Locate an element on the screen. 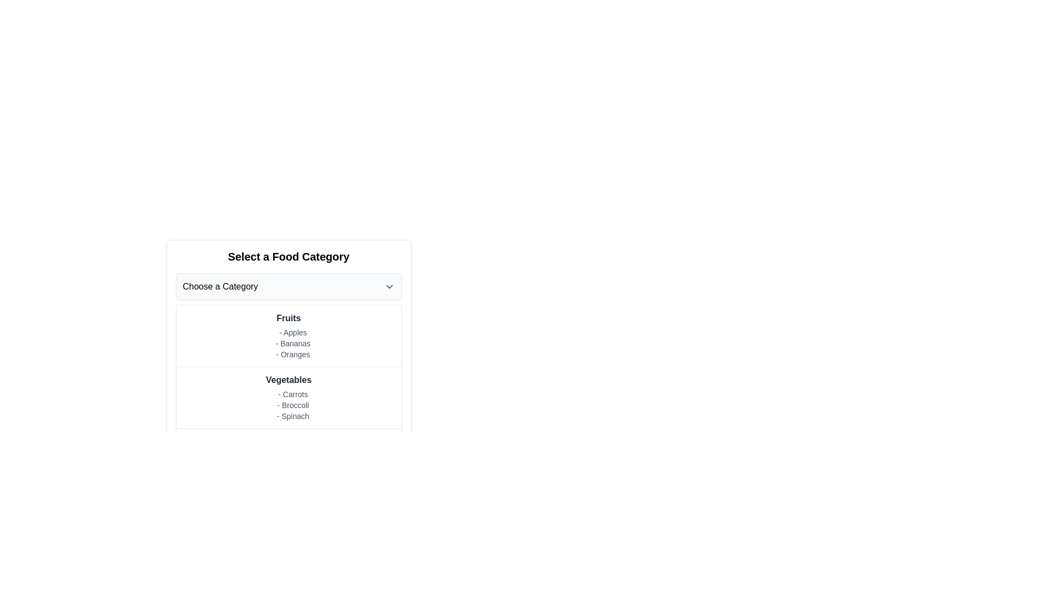 The height and width of the screenshot is (590, 1049). the 'Choose a Category' text label within the drop-down menu to interact with the menu is located at coordinates (220, 286).